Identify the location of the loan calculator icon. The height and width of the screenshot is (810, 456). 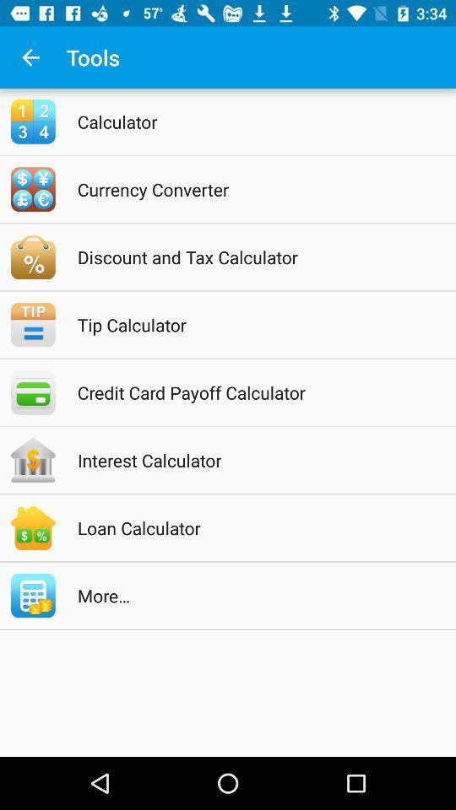
(249, 526).